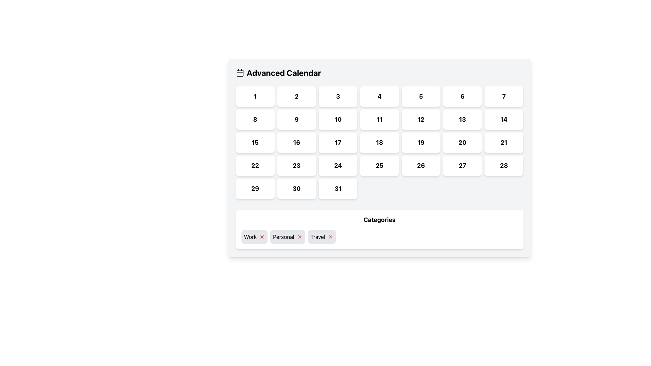 The width and height of the screenshot is (651, 366). Describe the element at coordinates (420, 142) in the screenshot. I see `the selectable day button in the calendar interface` at that location.